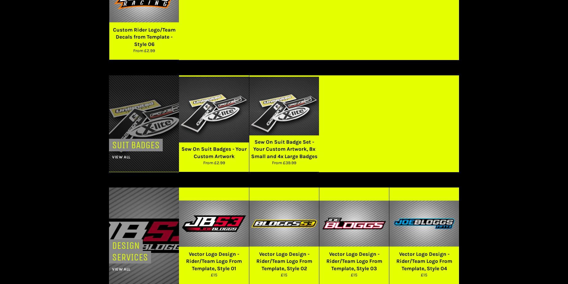  Describe the element at coordinates (256, 261) in the screenshot. I see `'Vector Logo Design - Rider/Team Logo From Template, Style 02'` at that location.